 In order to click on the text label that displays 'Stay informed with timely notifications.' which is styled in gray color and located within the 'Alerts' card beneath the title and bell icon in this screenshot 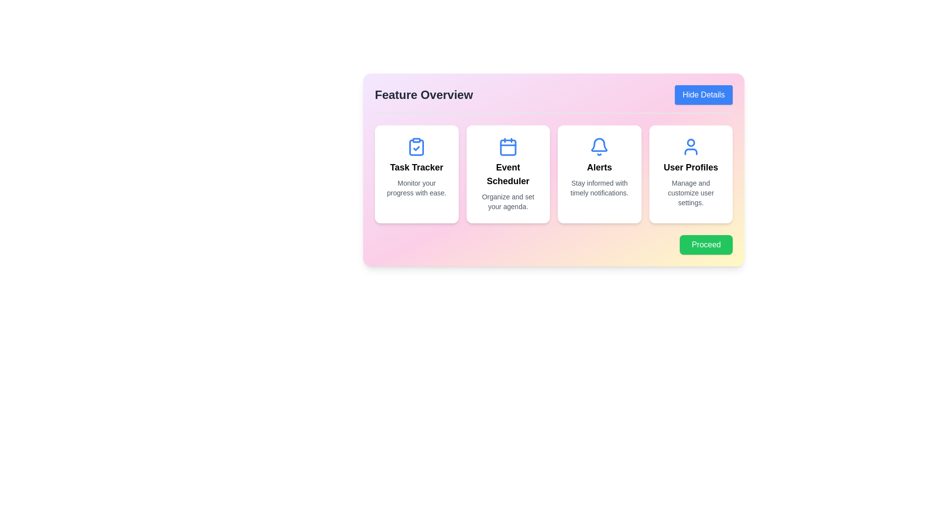, I will do `click(599, 188)`.